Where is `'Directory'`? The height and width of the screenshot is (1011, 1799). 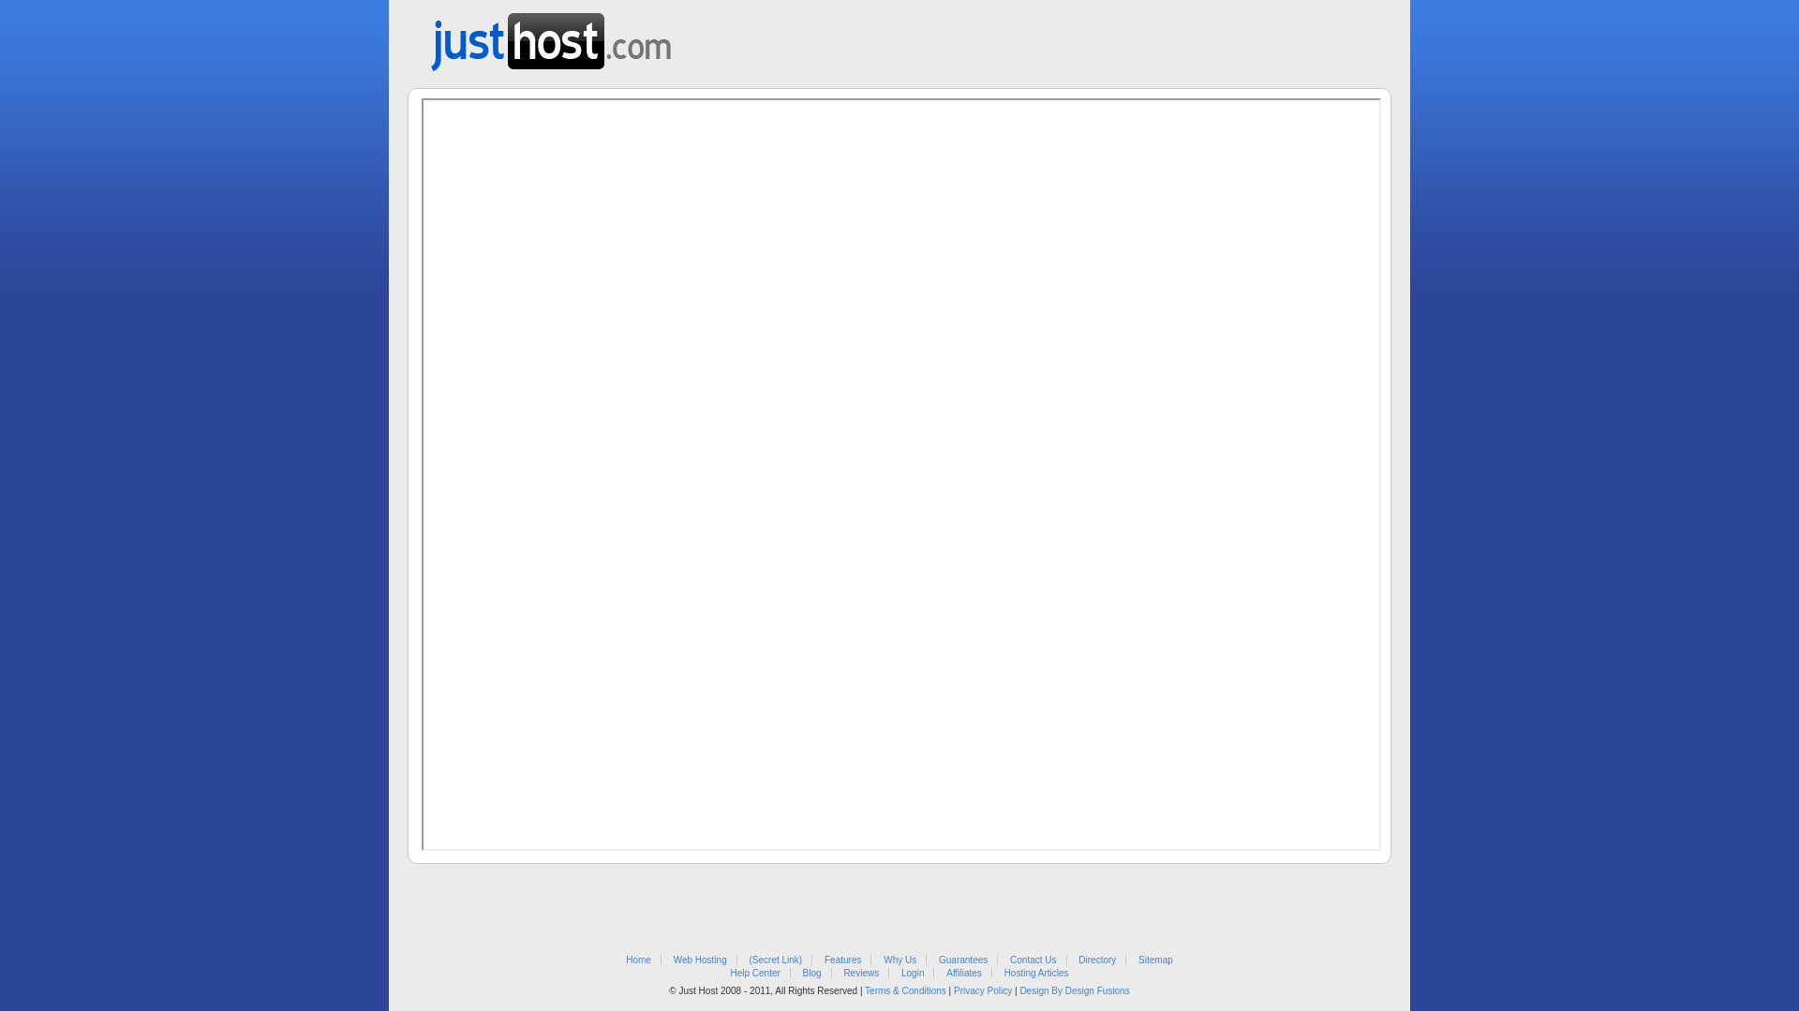
'Directory' is located at coordinates (1097, 960).